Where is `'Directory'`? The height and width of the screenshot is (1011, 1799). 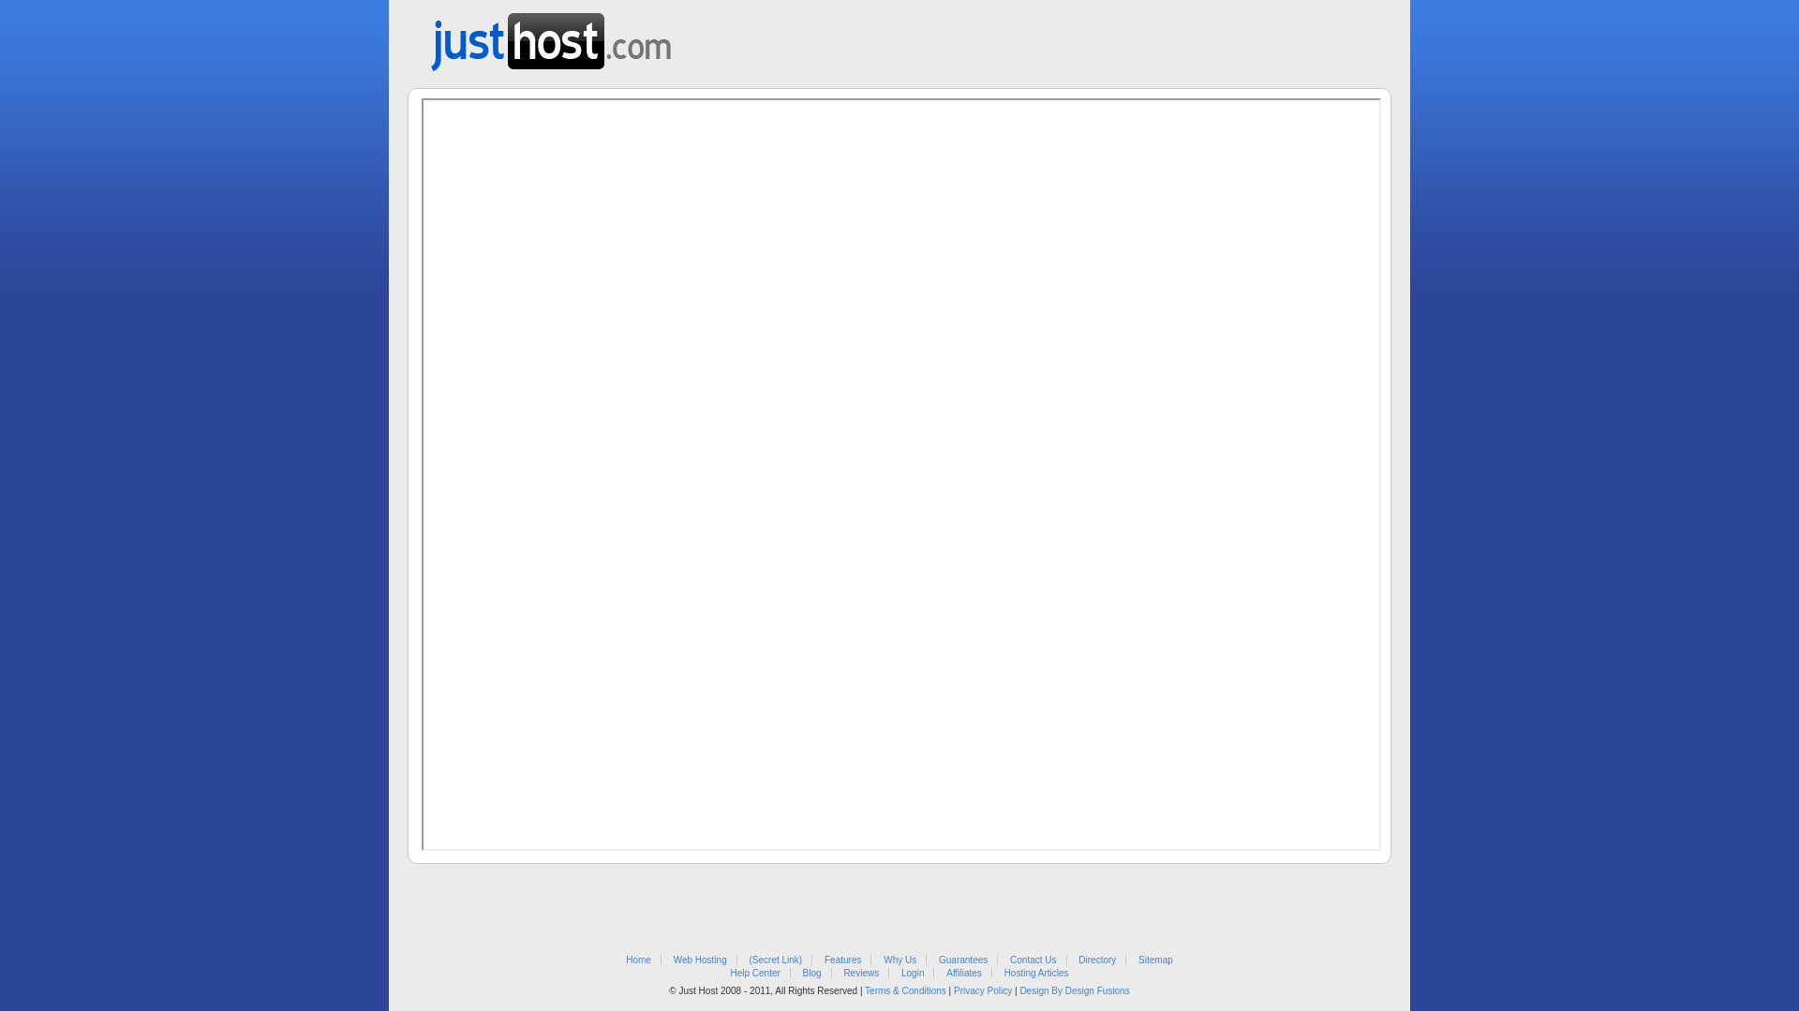
'Directory' is located at coordinates (1097, 960).